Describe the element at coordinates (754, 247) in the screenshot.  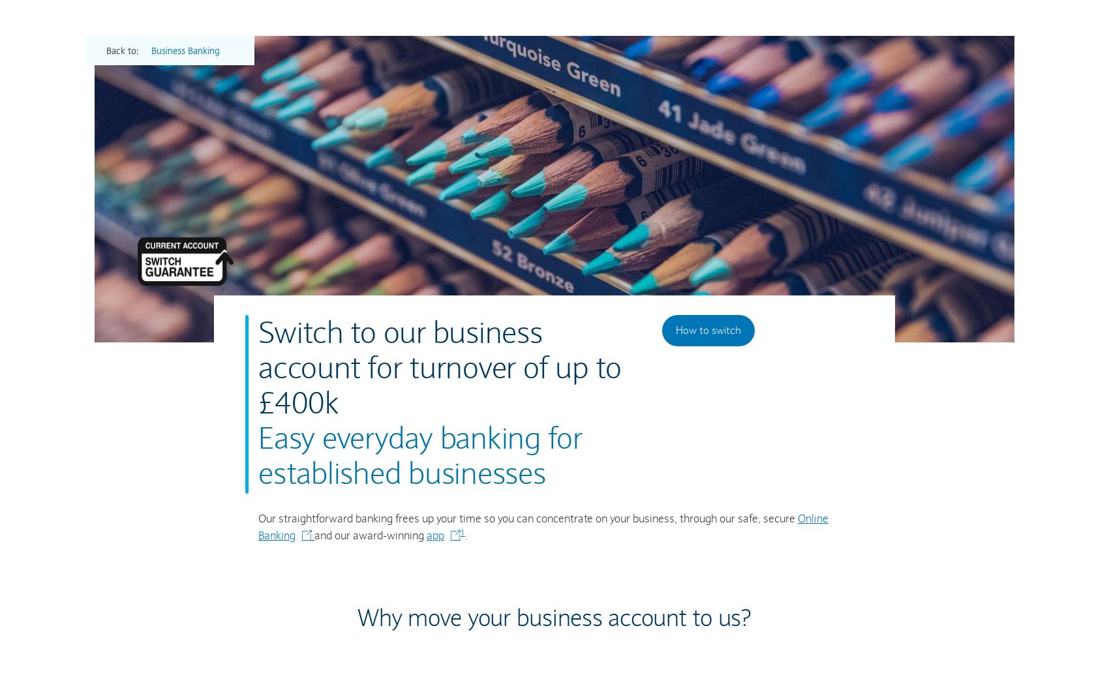
I see `'Business insurance'` at that location.